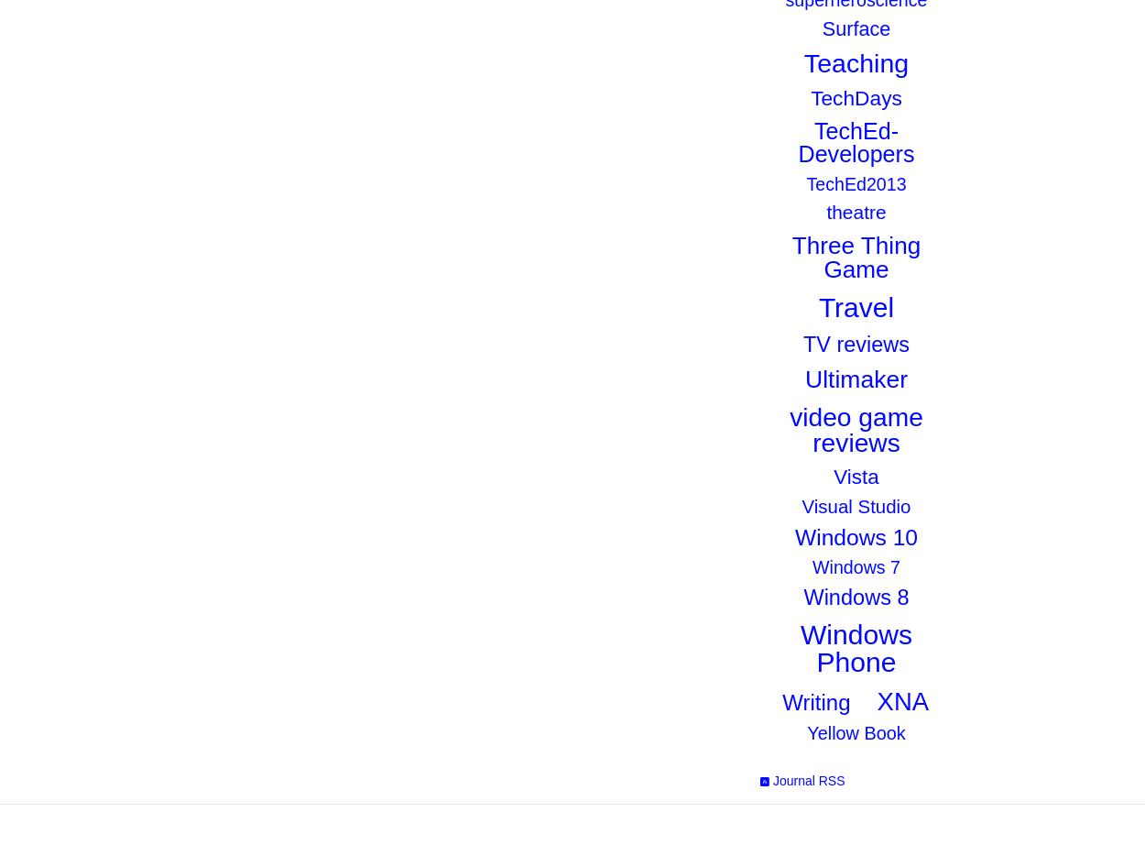 The width and height of the screenshot is (1145, 845). I want to click on 'TV reviews', so click(856, 342).